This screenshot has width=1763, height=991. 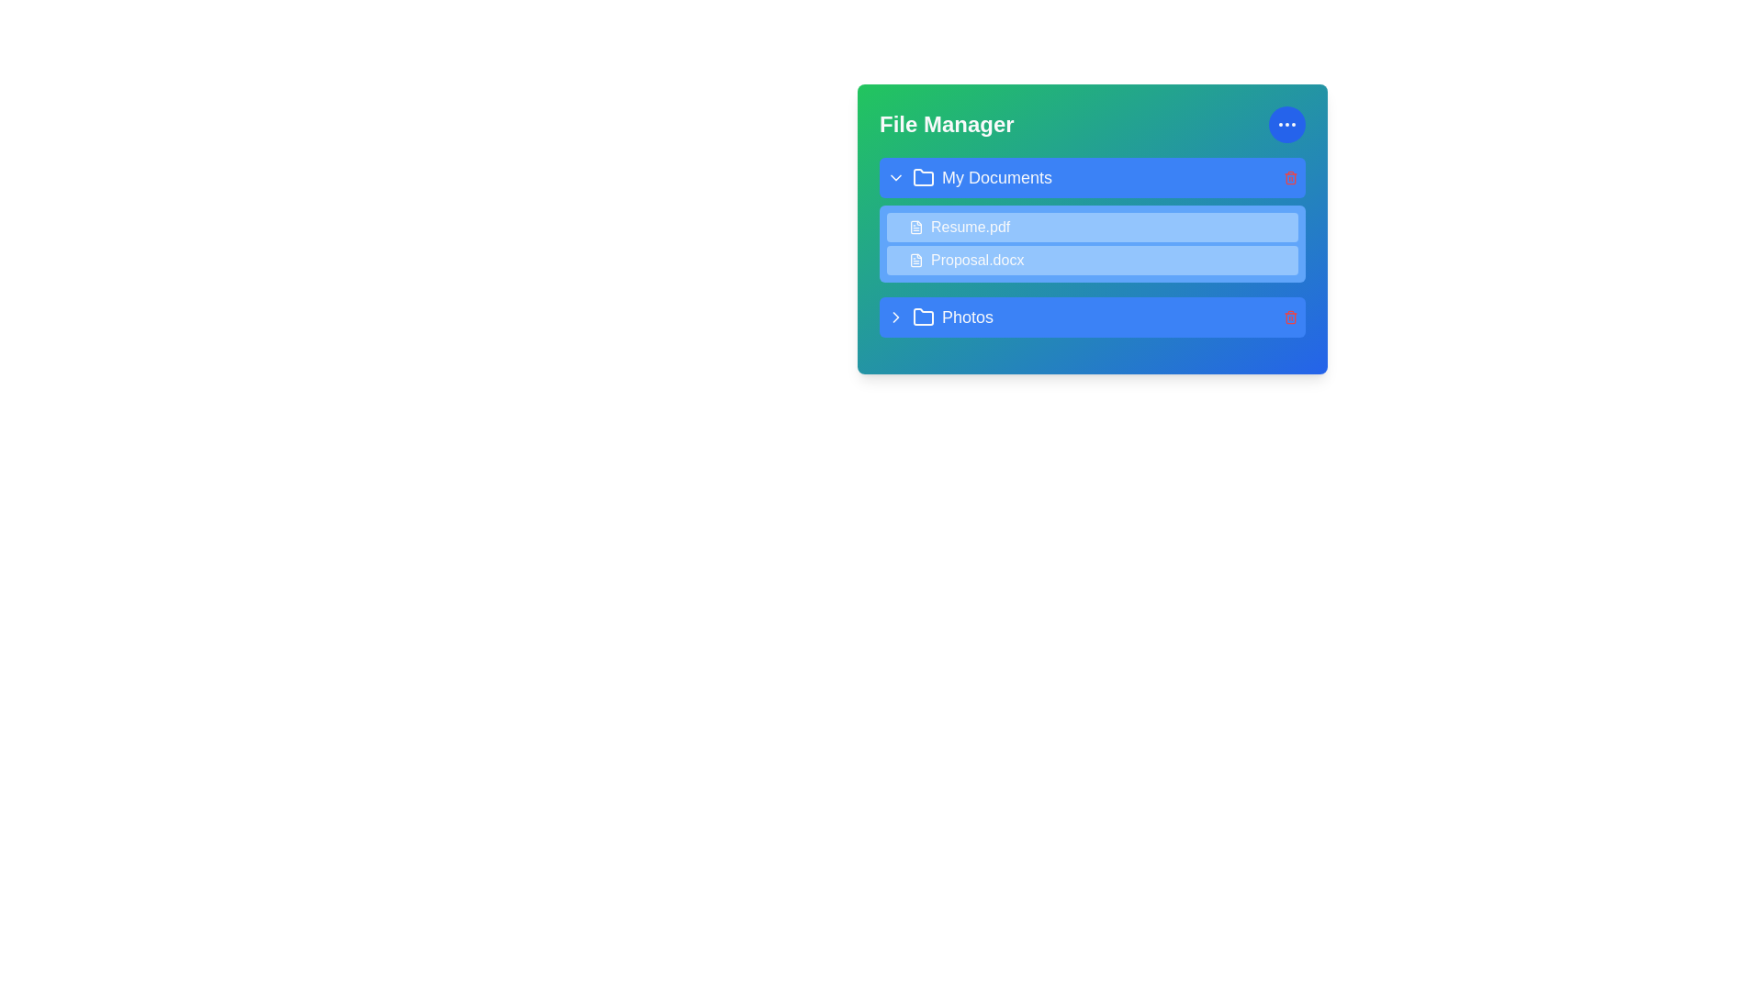 What do you see at coordinates (916, 226) in the screenshot?
I see `the file type icon representing 'Resume.pdf' in the file manager, located to the left of the text 'Resume.pdf'` at bounding box center [916, 226].